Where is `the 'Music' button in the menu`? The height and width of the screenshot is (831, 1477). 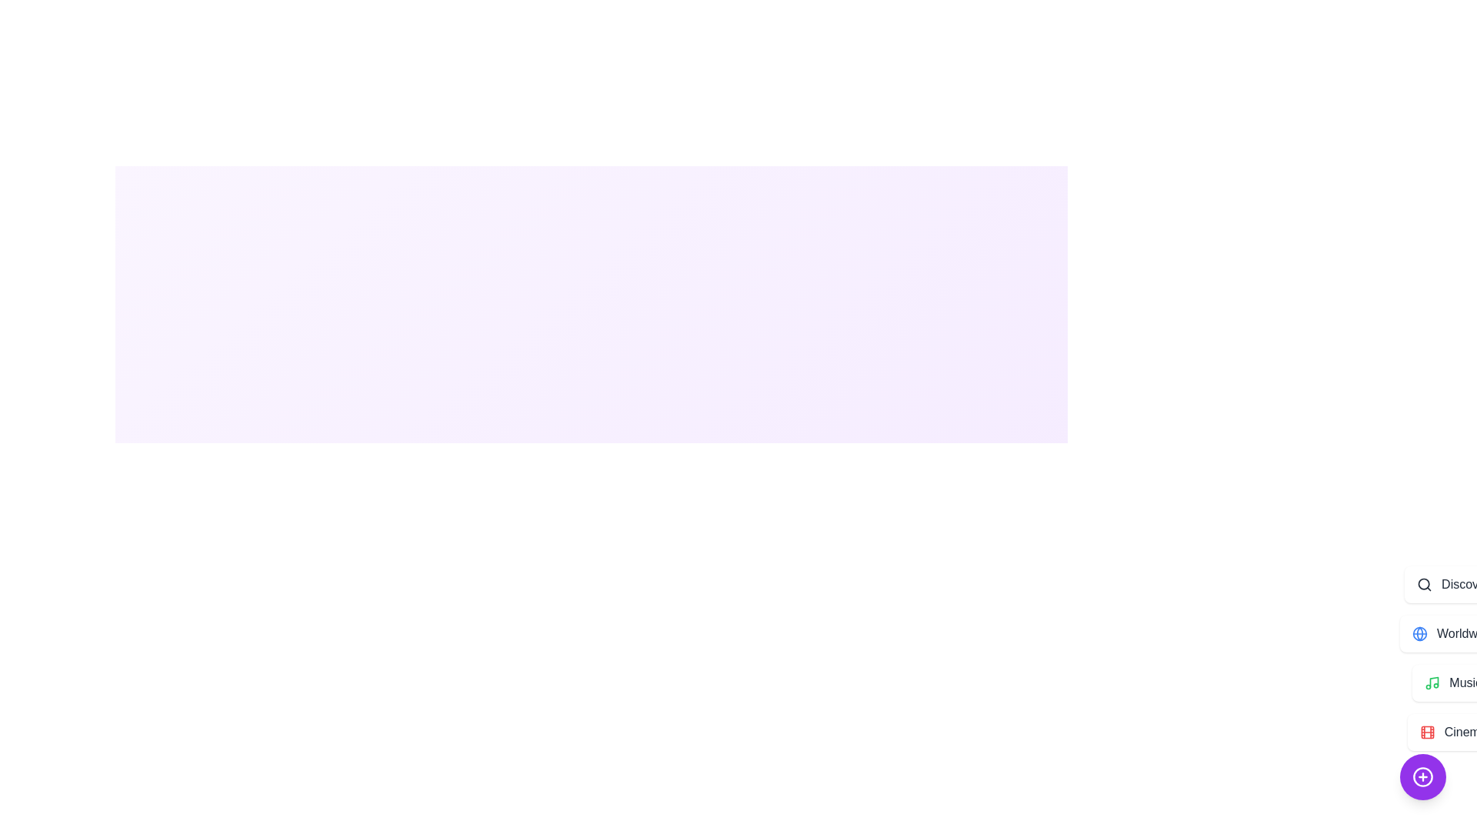 the 'Music' button in the menu is located at coordinates (1452, 682).